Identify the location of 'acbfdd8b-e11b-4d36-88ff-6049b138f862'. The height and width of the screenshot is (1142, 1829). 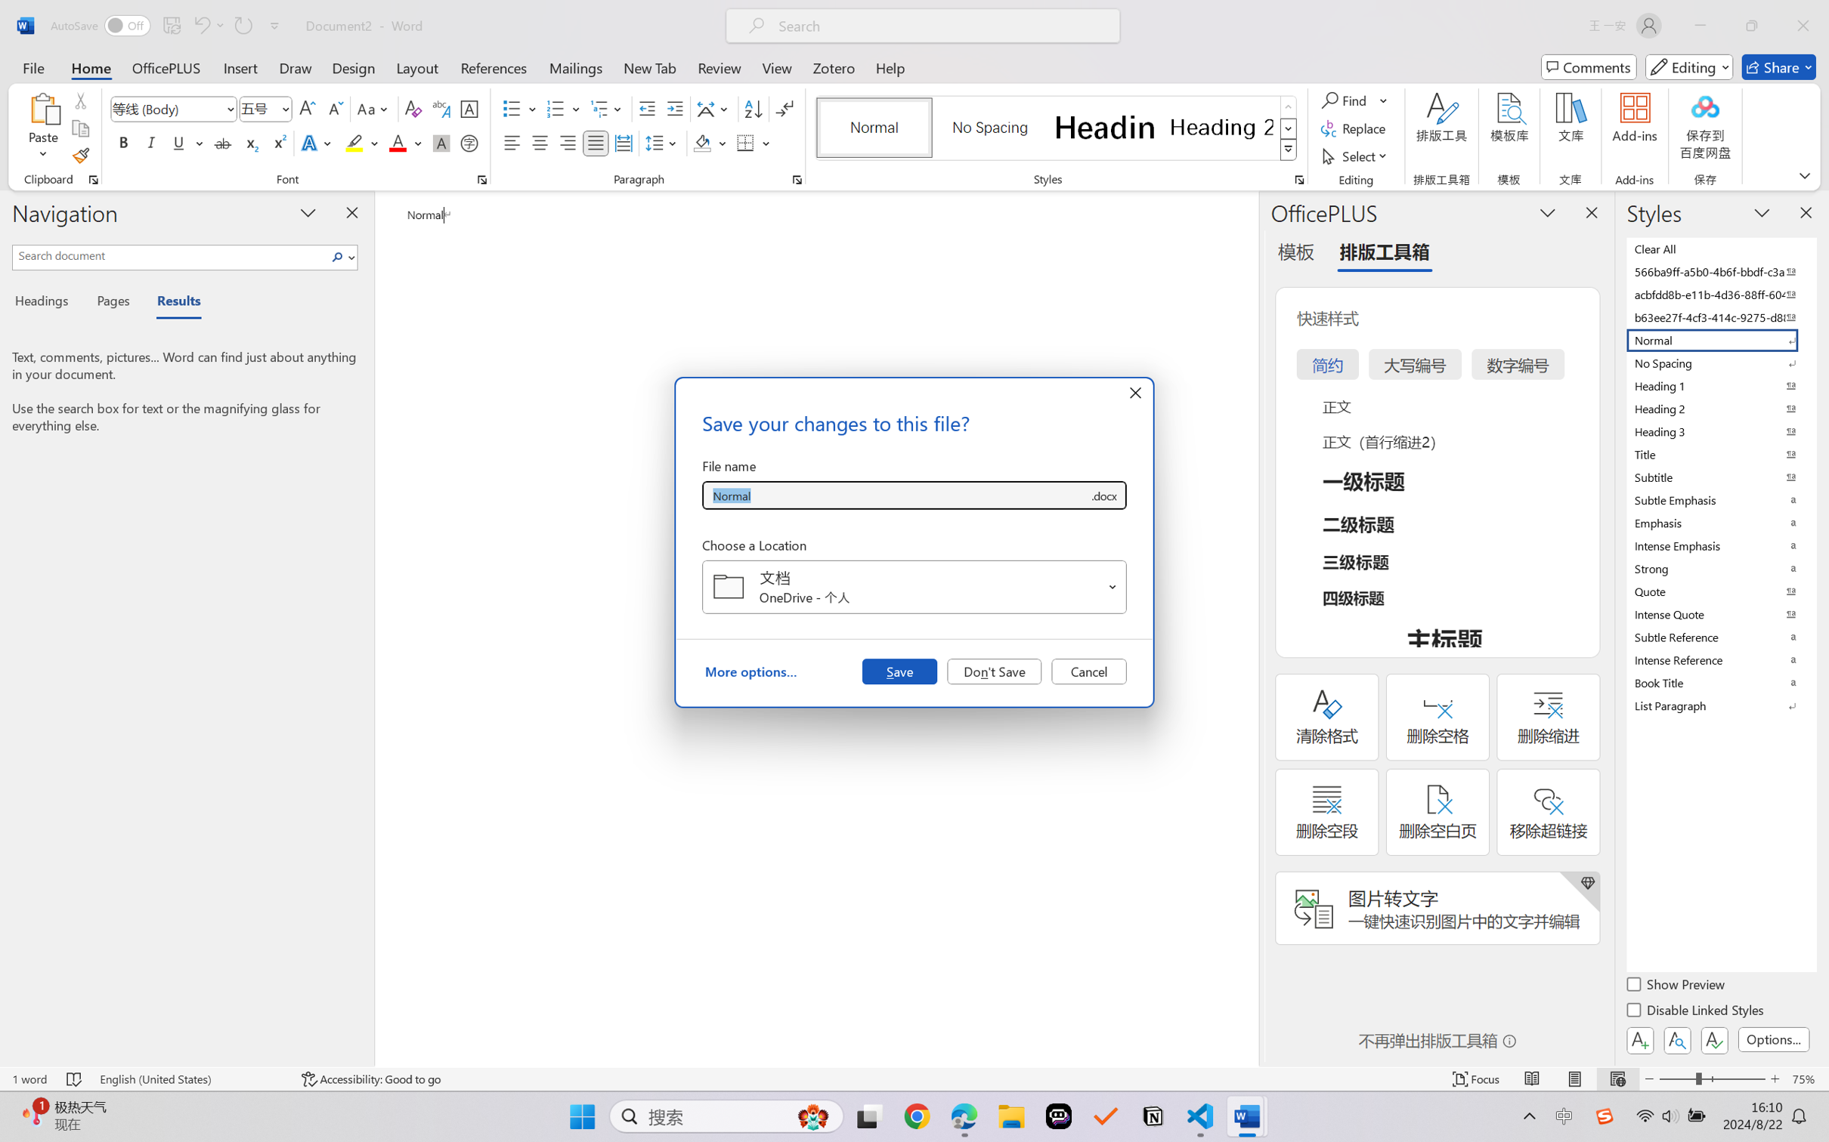
(1719, 293).